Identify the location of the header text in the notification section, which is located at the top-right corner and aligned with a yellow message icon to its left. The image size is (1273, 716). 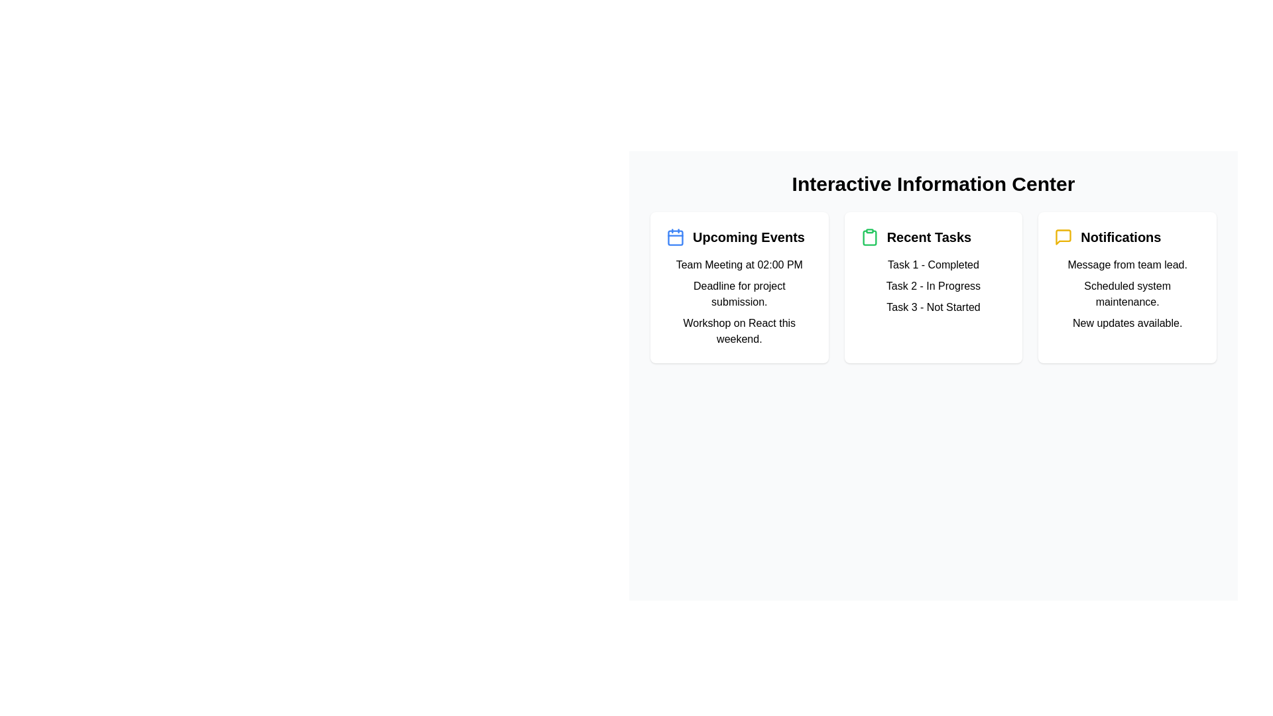
(1120, 237).